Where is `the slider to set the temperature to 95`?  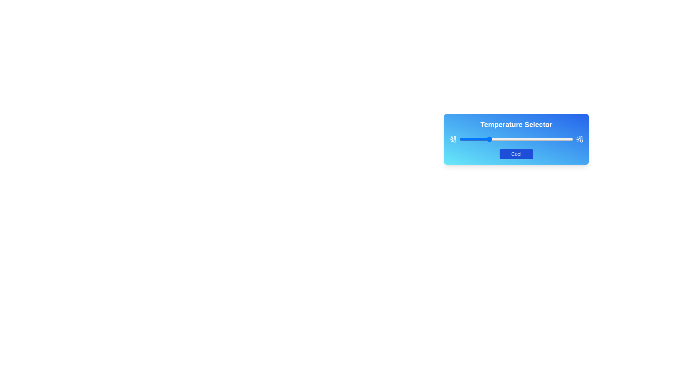
the slider to set the temperature to 95 is located at coordinates (567, 139).